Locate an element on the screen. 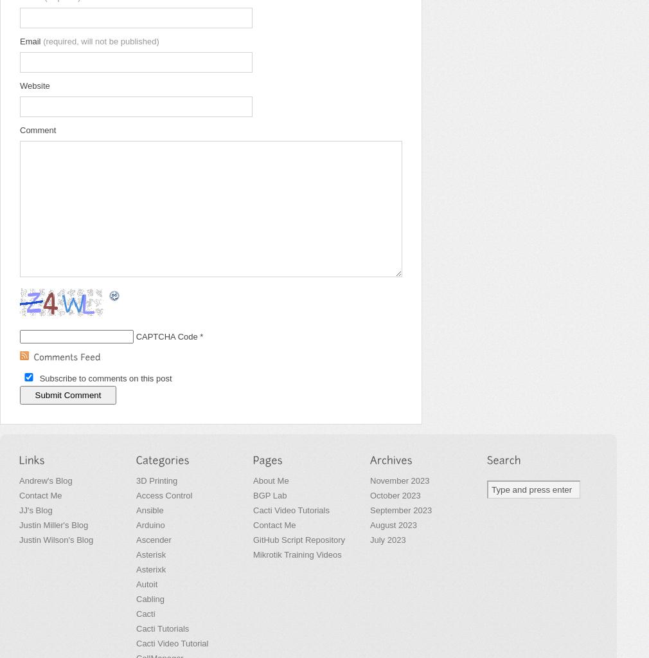  '(required, will not be published)' is located at coordinates (42, 41).